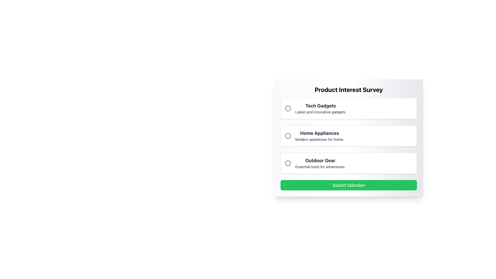 This screenshot has width=496, height=279. What do you see at coordinates (320, 108) in the screenshot?
I see `the Text label displaying 'Tech Gadgets' which is the first entry in the selection list, styled with a bold title and a descriptive subtitle` at bounding box center [320, 108].